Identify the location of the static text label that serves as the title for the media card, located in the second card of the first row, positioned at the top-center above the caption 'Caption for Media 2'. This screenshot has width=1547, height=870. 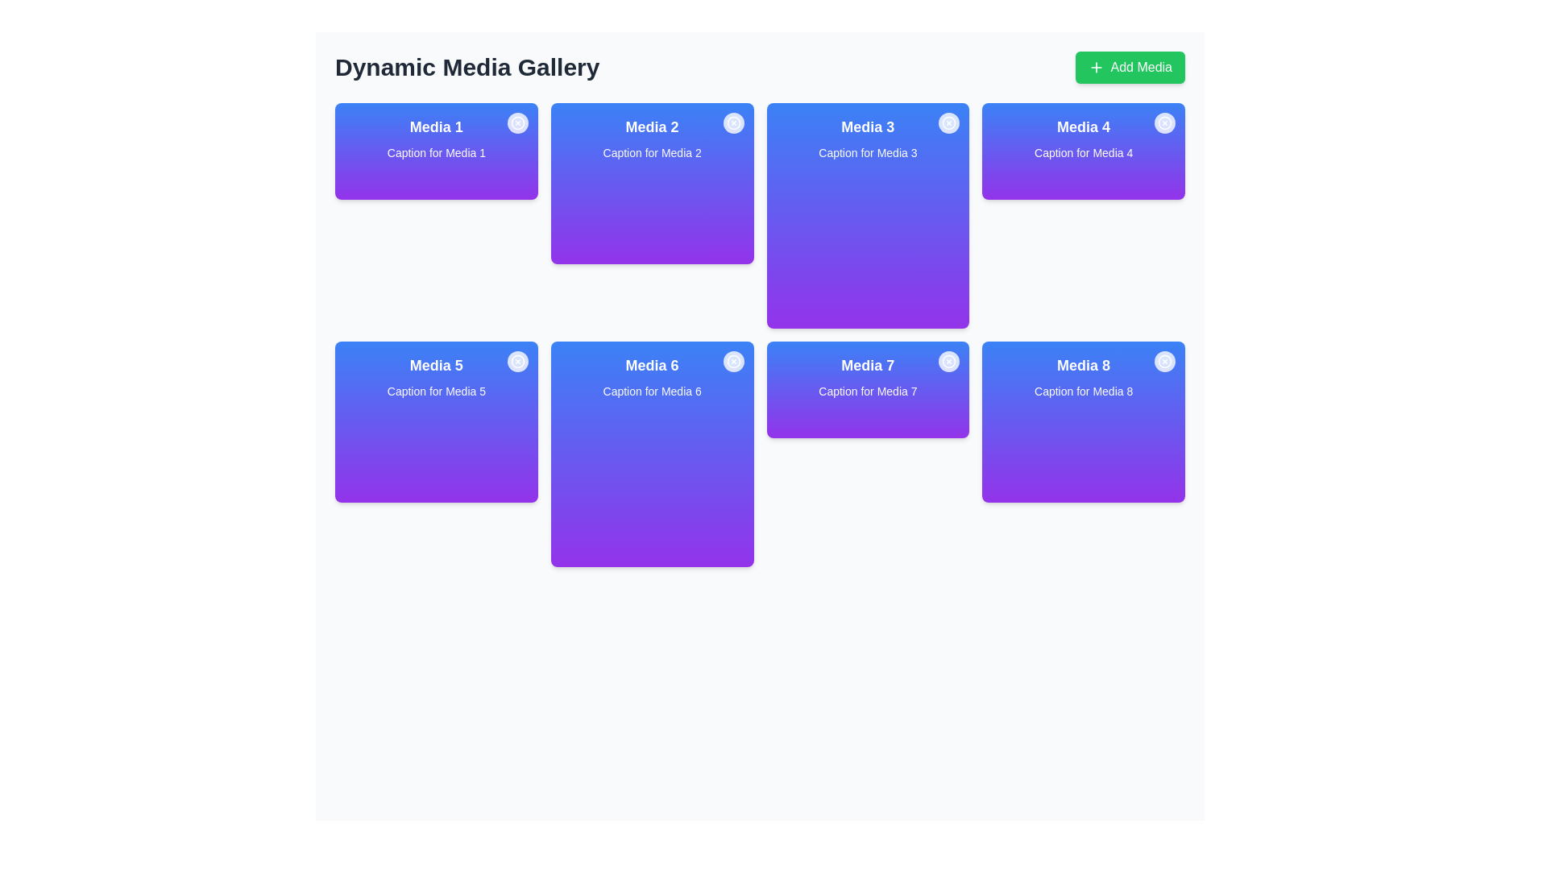
(652, 126).